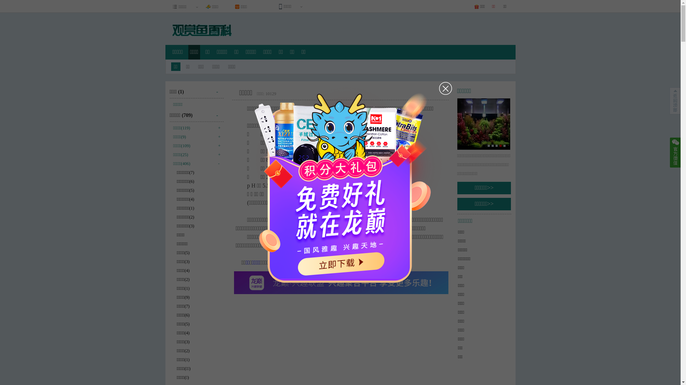  What do you see at coordinates (217, 136) in the screenshot?
I see `'+'` at bounding box center [217, 136].